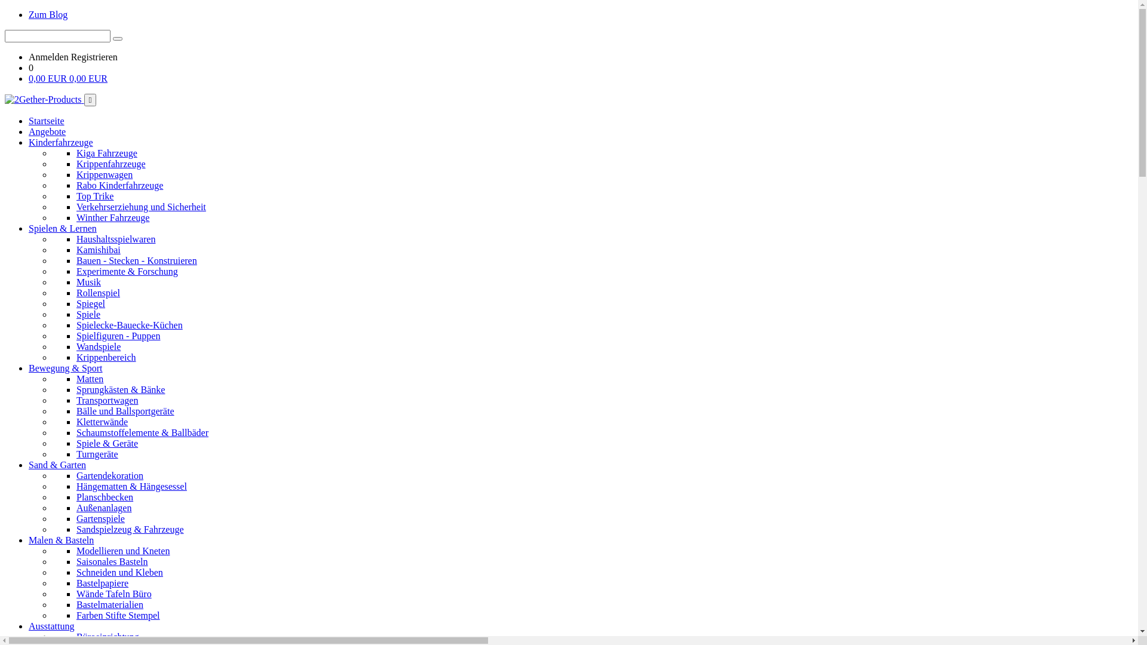 The height and width of the screenshot is (645, 1147). I want to click on 'Transportwagen', so click(76, 400).